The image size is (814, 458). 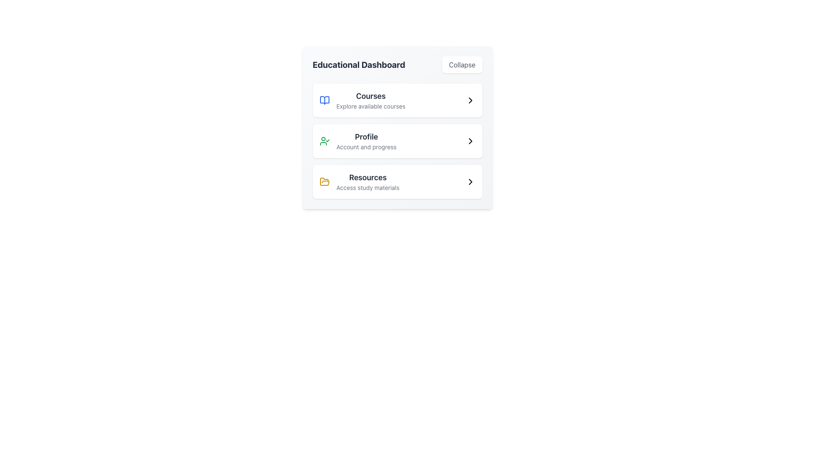 I want to click on the Profile button located in the Educational Dashboard, which is the second button in a vertical list of three buttons, so click(x=397, y=140).